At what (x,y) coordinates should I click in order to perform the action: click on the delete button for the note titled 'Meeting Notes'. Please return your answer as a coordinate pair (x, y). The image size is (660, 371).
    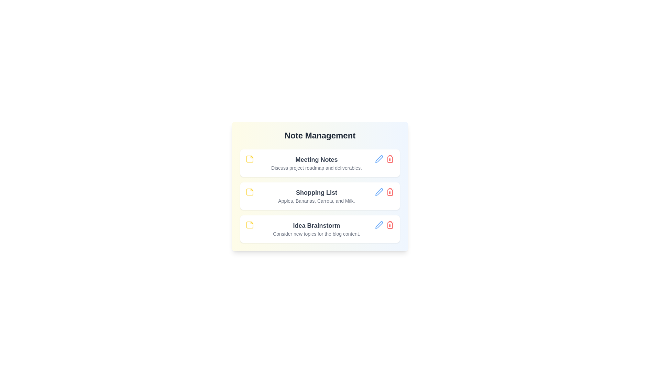
    Looking at the image, I should click on (390, 159).